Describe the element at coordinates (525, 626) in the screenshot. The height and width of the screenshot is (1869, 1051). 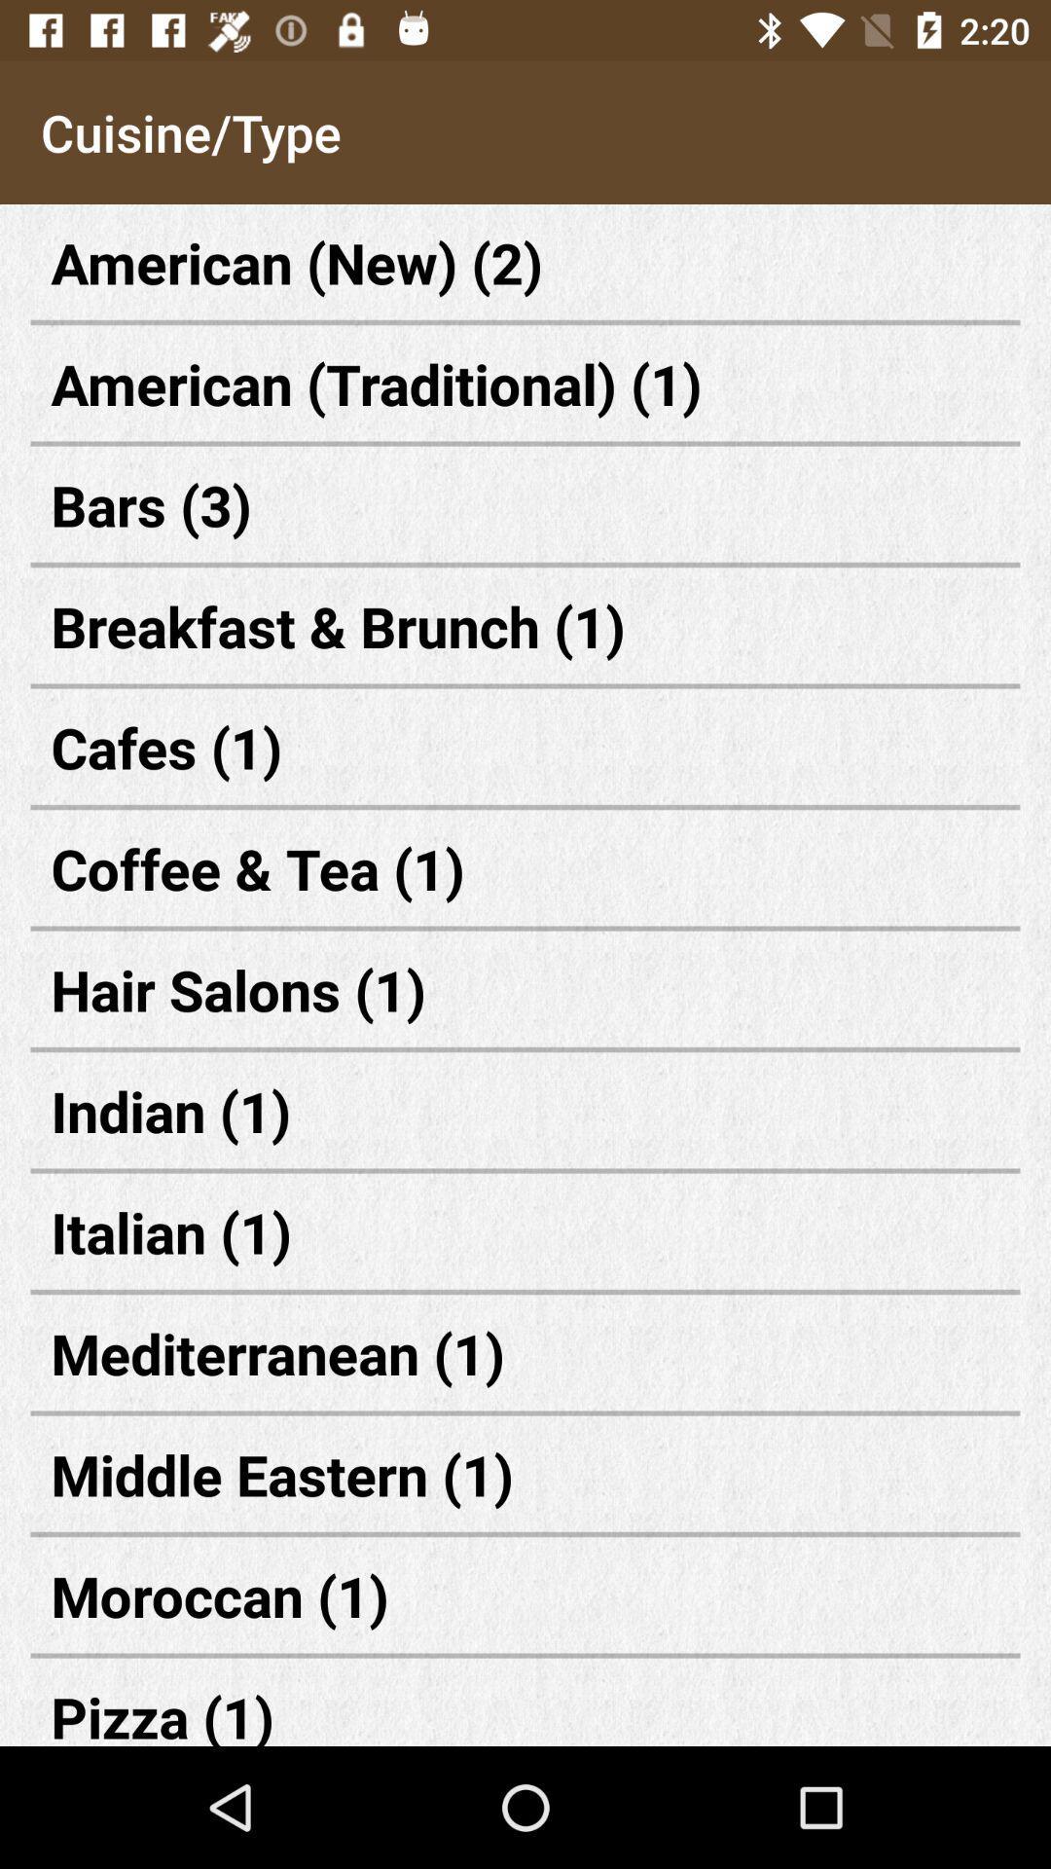
I see `icon above the cafes (1) item` at that location.